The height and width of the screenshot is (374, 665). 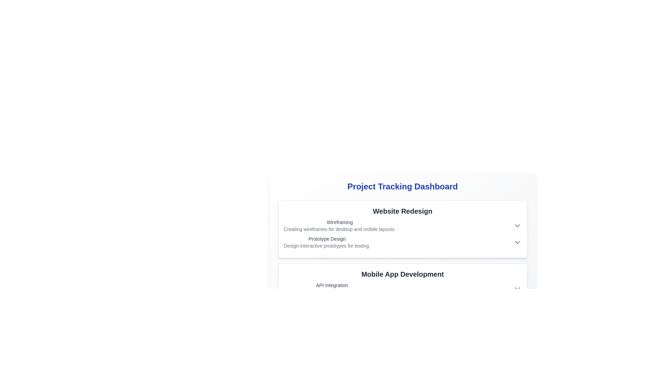 What do you see at coordinates (402, 234) in the screenshot?
I see `the section titles within the 'Website Redesign' card` at bounding box center [402, 234].